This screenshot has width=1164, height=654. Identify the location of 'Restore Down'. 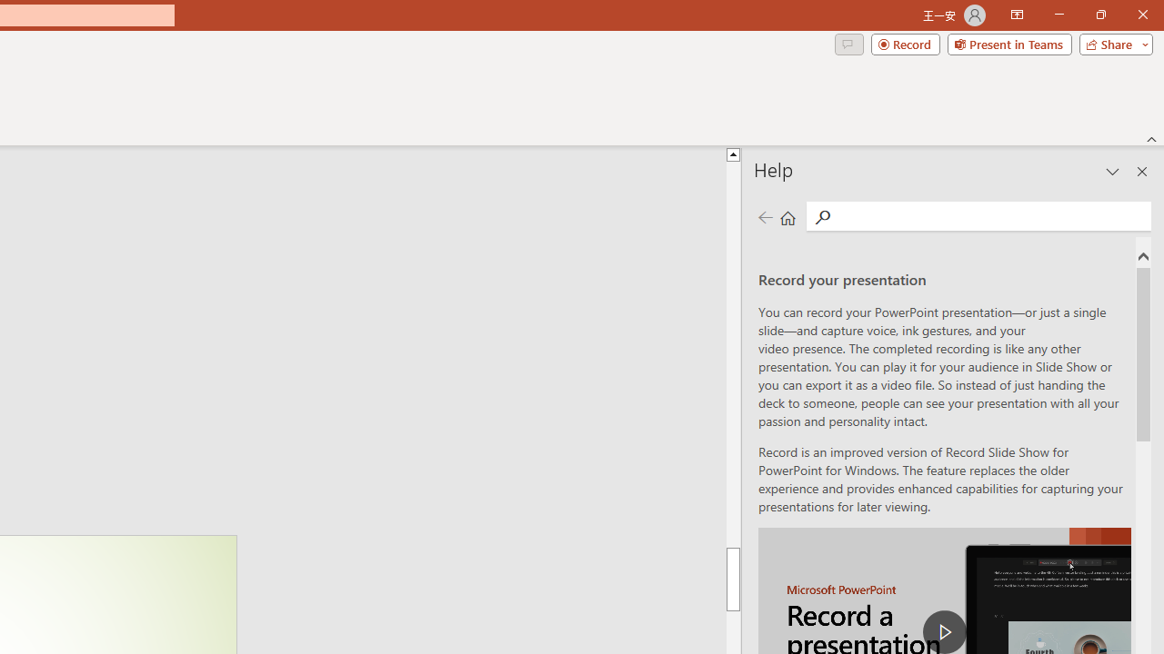
(1099, 15).